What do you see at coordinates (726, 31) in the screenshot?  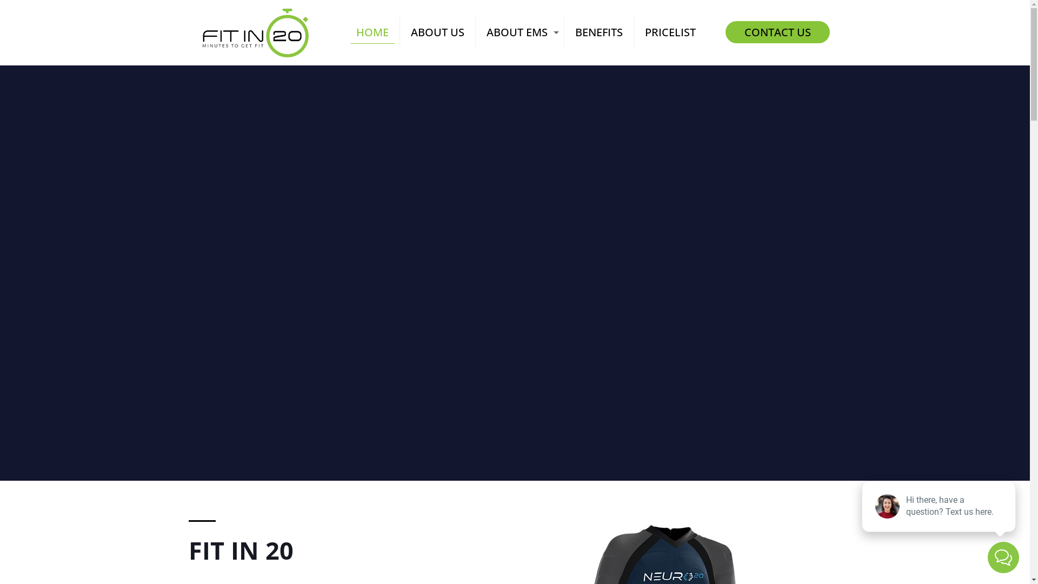 I see `'CONTACT US'` at bounding box center [726, 31].